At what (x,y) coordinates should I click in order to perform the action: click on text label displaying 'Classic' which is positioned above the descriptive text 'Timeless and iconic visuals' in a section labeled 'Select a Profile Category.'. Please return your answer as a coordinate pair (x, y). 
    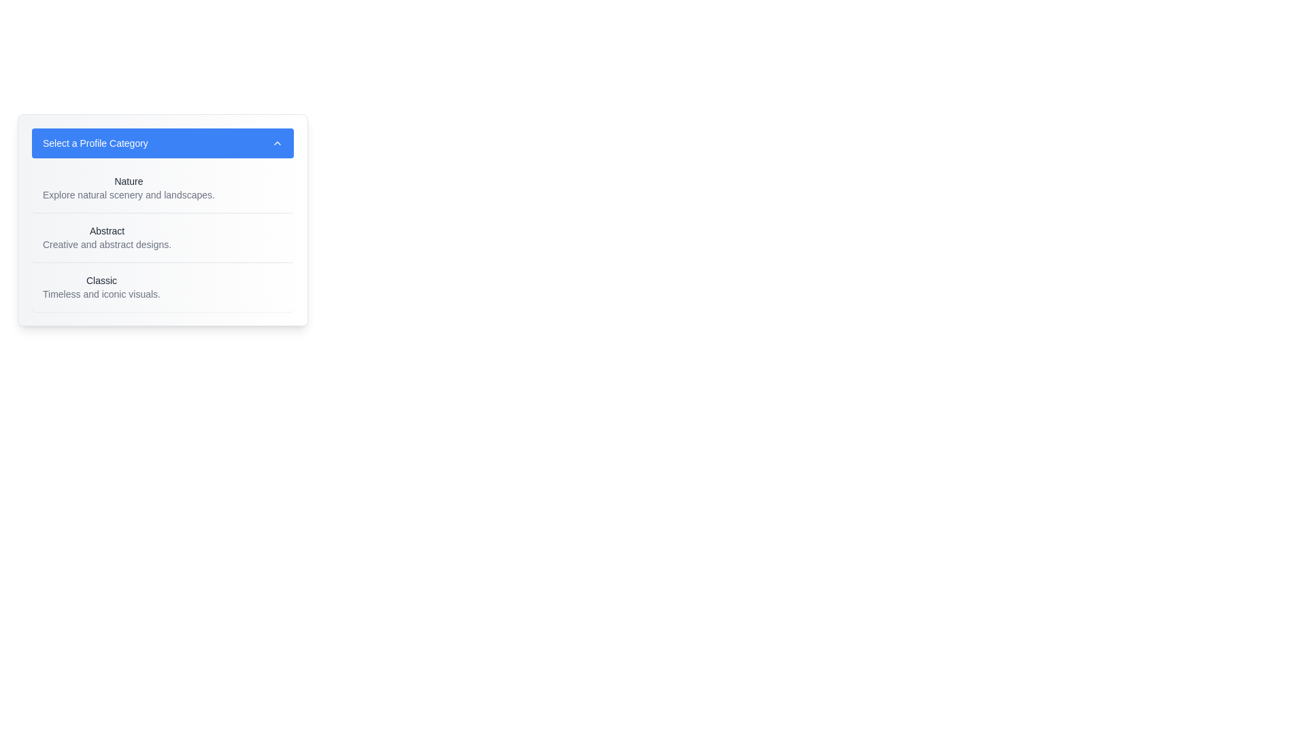
    Looking at the image, I should click on (101, 279).